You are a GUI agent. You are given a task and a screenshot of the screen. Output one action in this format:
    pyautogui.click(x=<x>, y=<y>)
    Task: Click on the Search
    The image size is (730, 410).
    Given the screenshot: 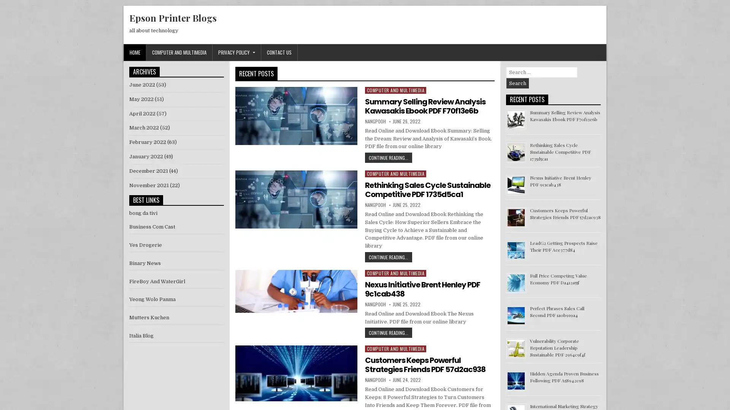 What is the action you would take?
    pyautogui.click(x=517, y=83)
    